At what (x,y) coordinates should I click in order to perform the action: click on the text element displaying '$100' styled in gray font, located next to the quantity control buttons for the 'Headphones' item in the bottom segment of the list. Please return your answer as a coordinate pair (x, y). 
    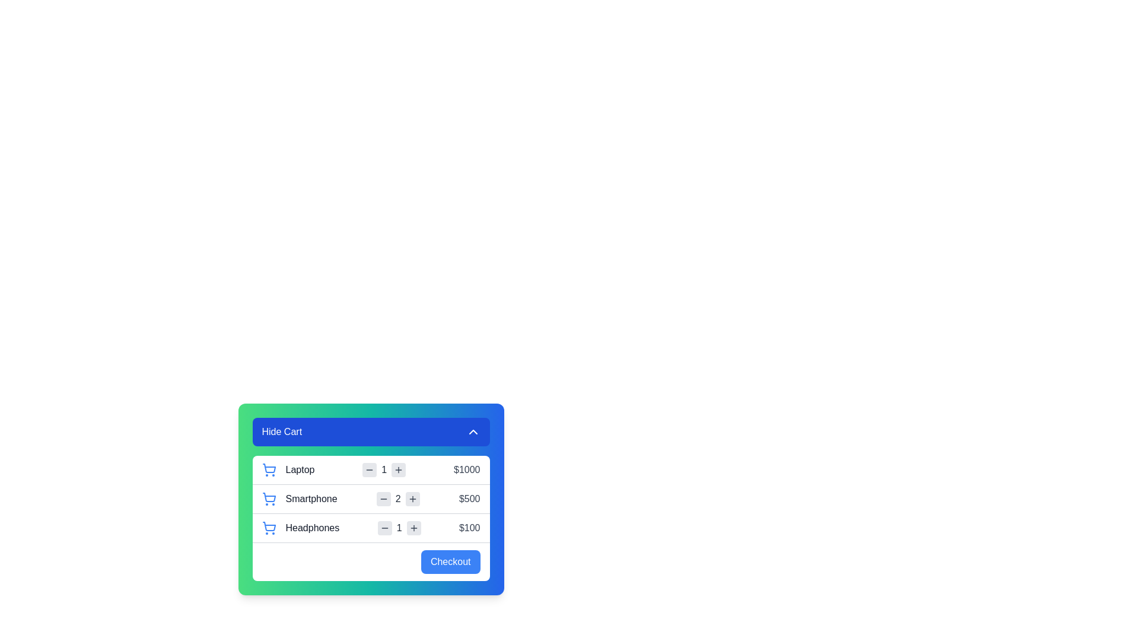
    Looking at the image, I should click on (469, 528).